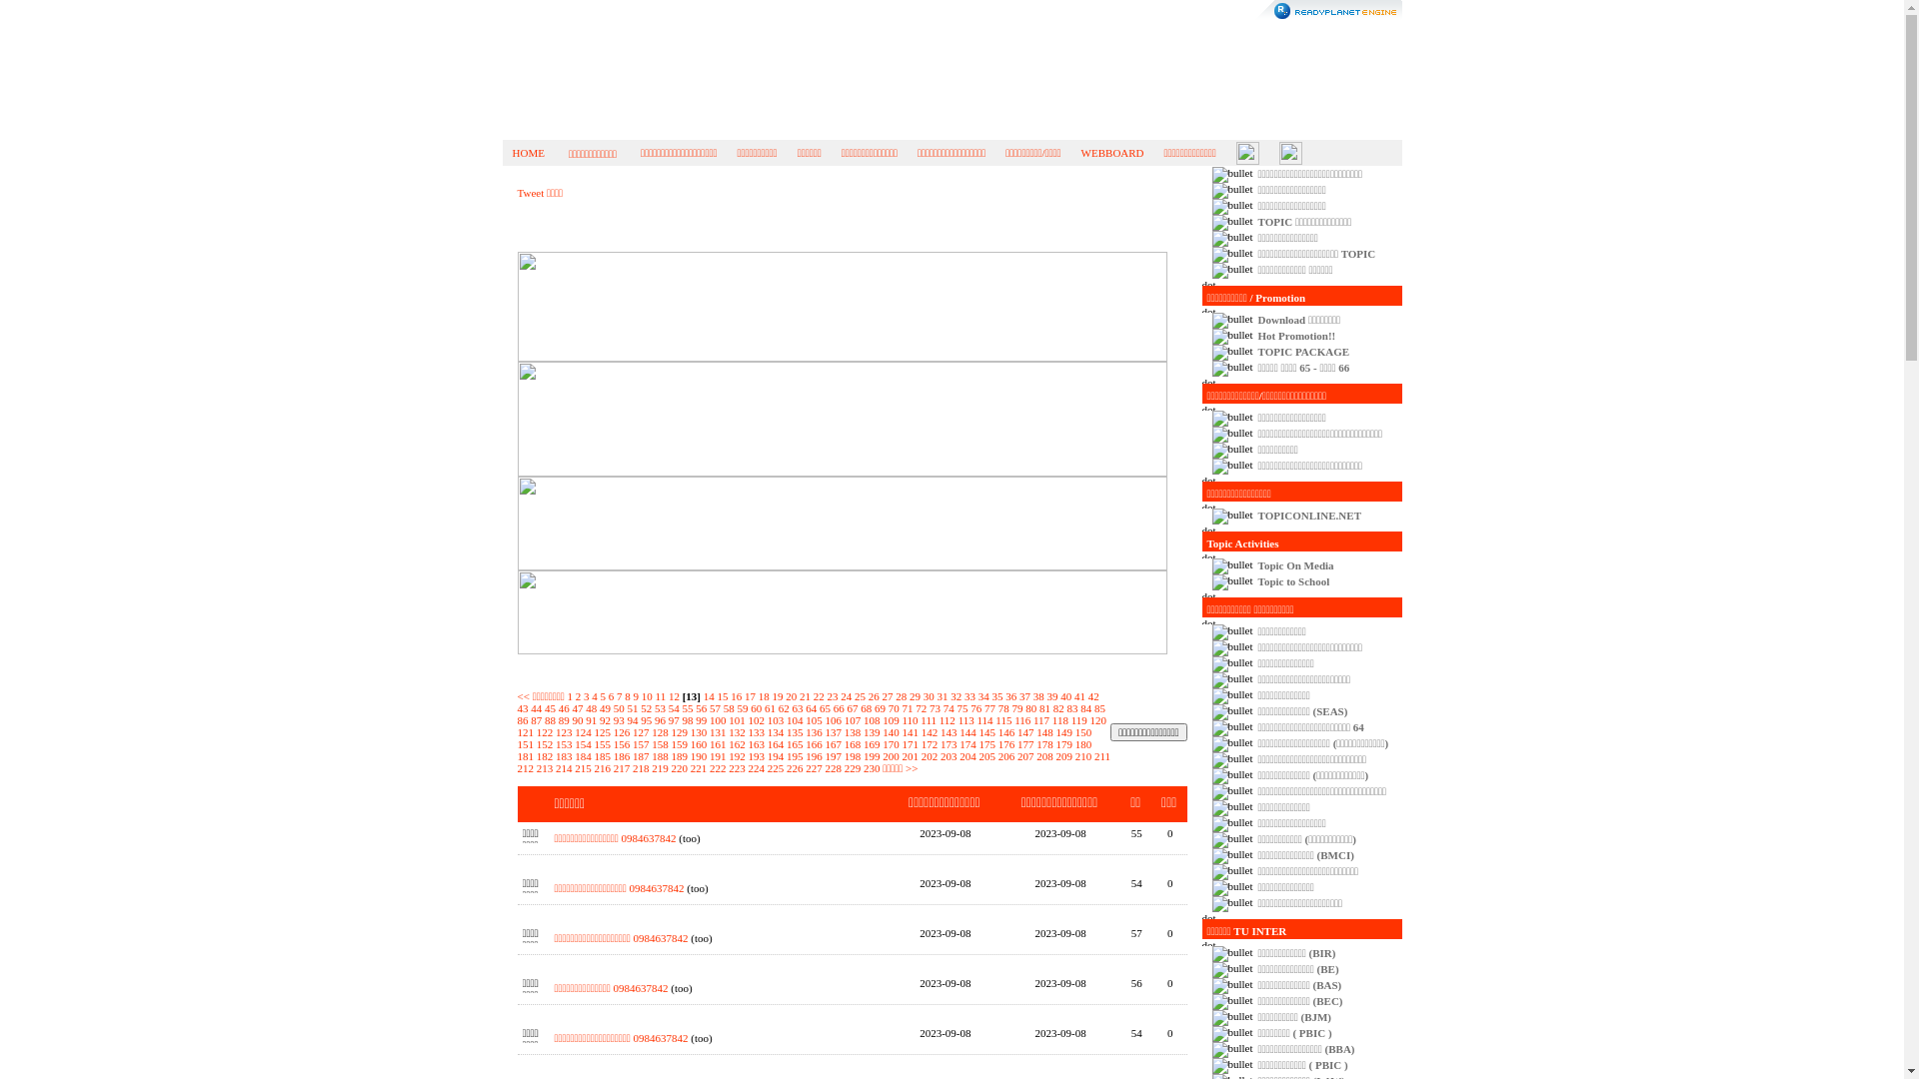  What do you see at coordinates (545, 766) in the screenshot?
I see `'213'` at bounding box center [545, 766].